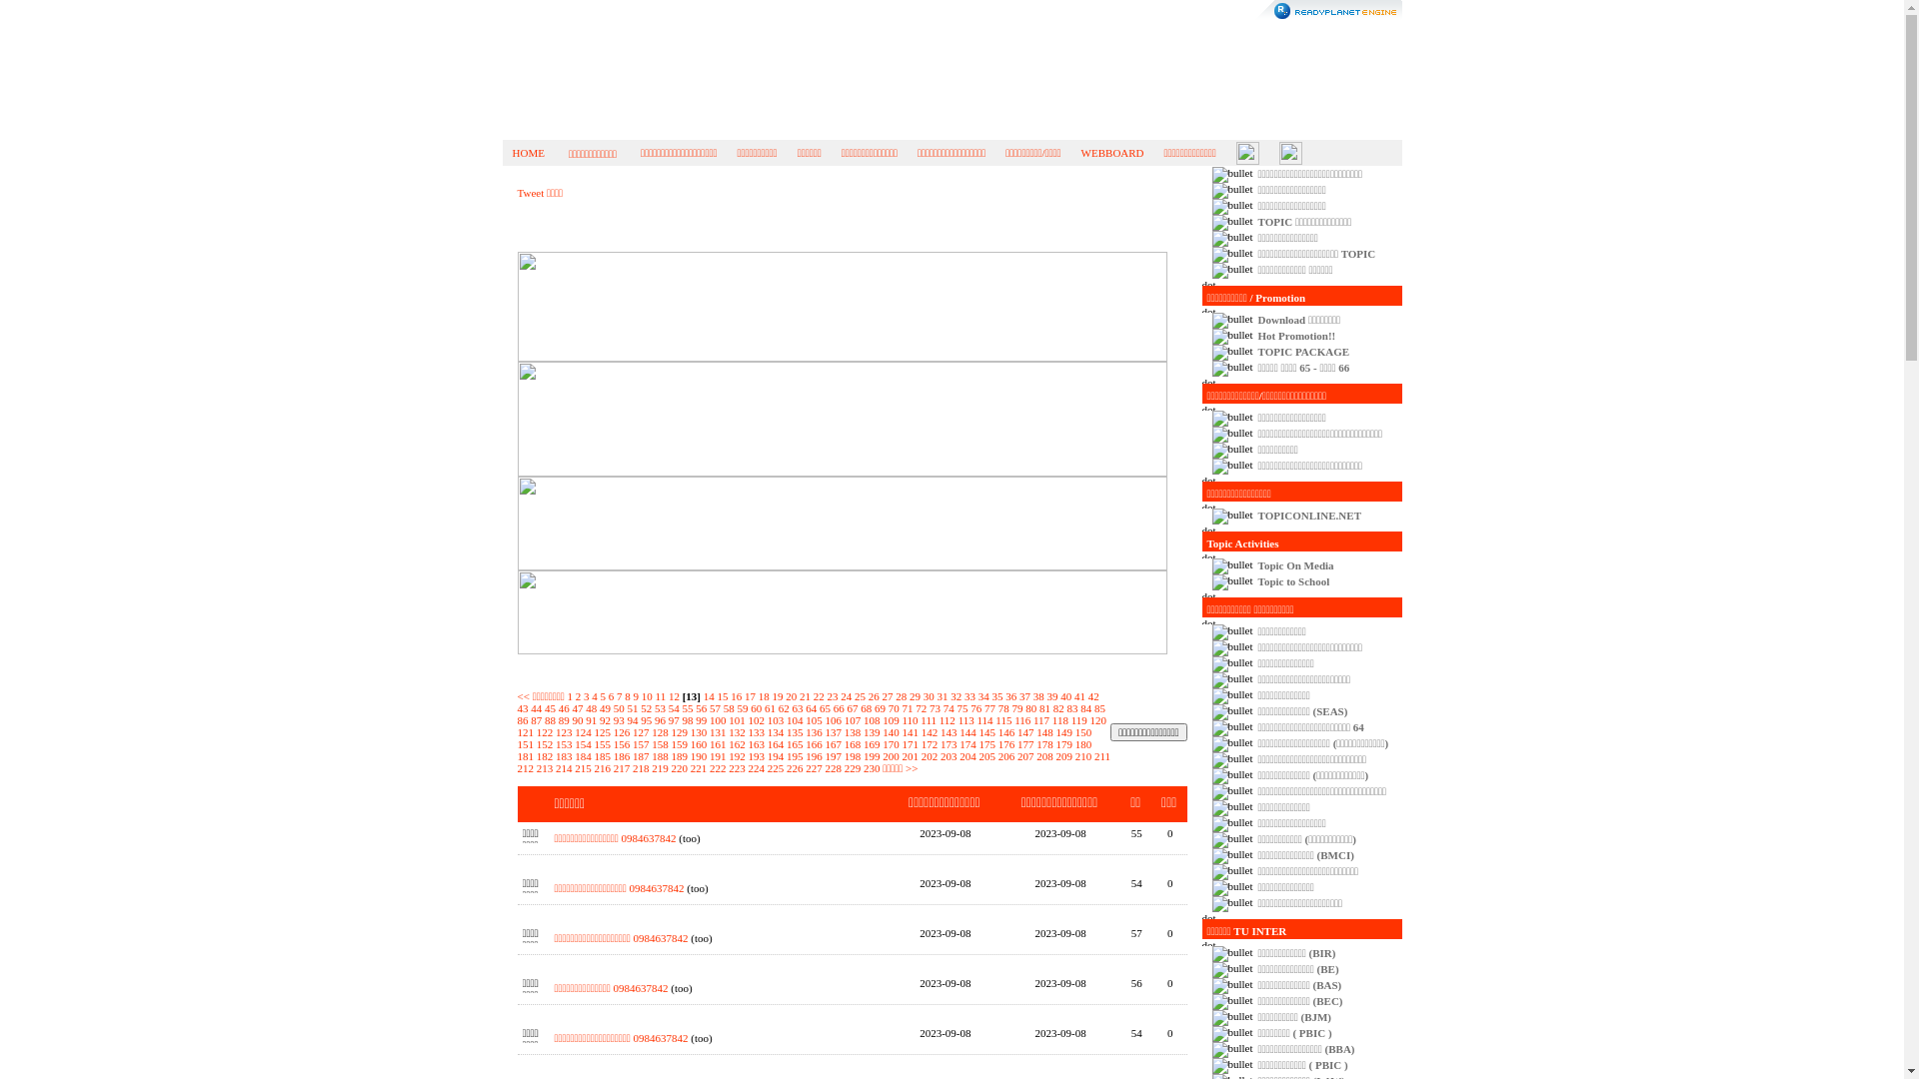  What do you see at coordinates (545, 766) in the screenshot?
I see `'213'` at bounding box center [545, 766].